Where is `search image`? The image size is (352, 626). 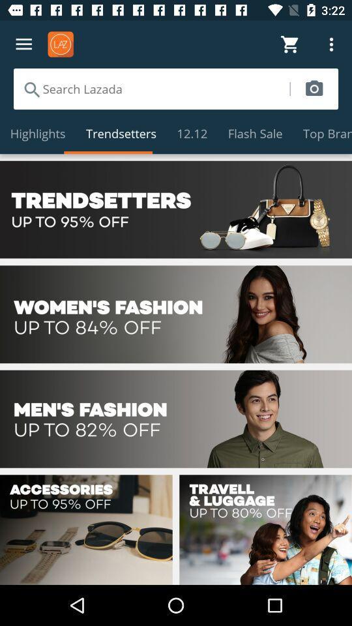
search image is located at coordinates (314, 88).